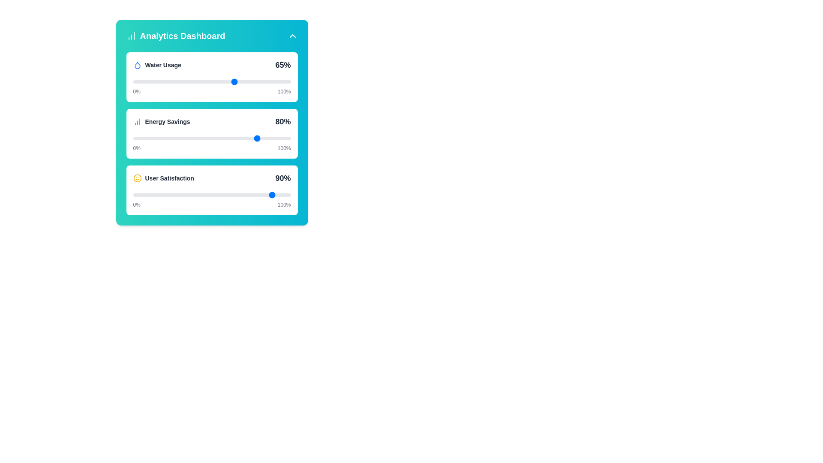 Image resolution: width=823 pixels, height=463 pixels. What do you see at coordinates (163, 178) in the screenshot?
I see `the 'User Satisfaction' label with the yellow smiling face icon in the bottom section of the 'Analytics Dashboard' card` at bounding box center [163, 178].